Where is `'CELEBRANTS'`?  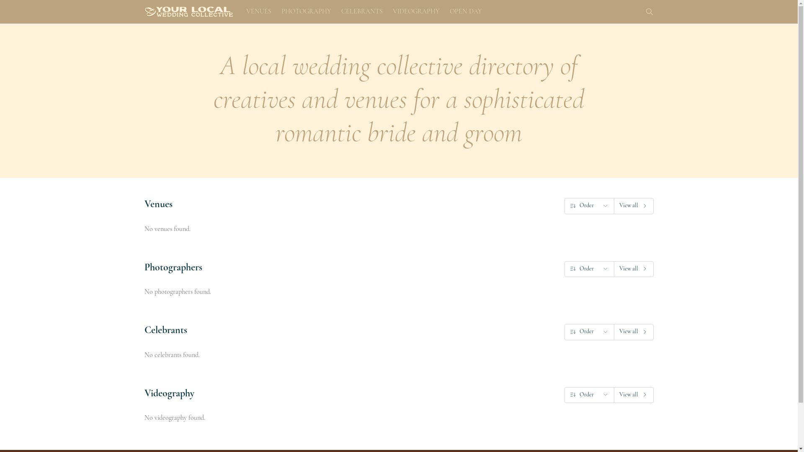 'CELEBRANTS' is located at coordinates (361, 11).